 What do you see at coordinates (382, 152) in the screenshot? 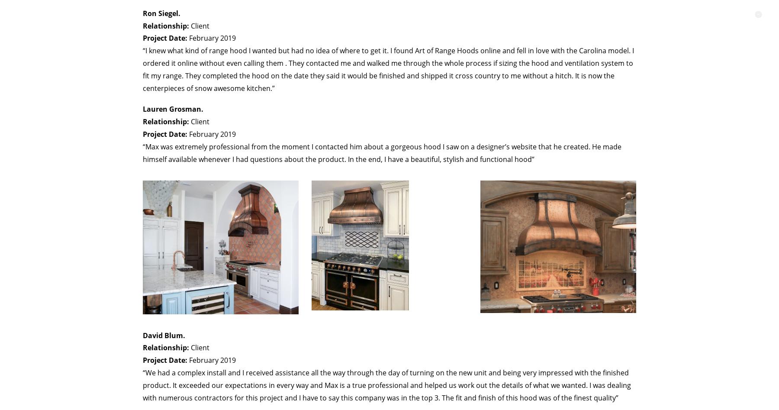
I see `'“Max was extremely professional from the moment I contacted him about a gorgeous hood I saw on a designer’s website that he created. He made himself available whenever I had questions about the product. In the end, I have a beautiful, stylish and functional hood”'` at bounding box center [382, 152].